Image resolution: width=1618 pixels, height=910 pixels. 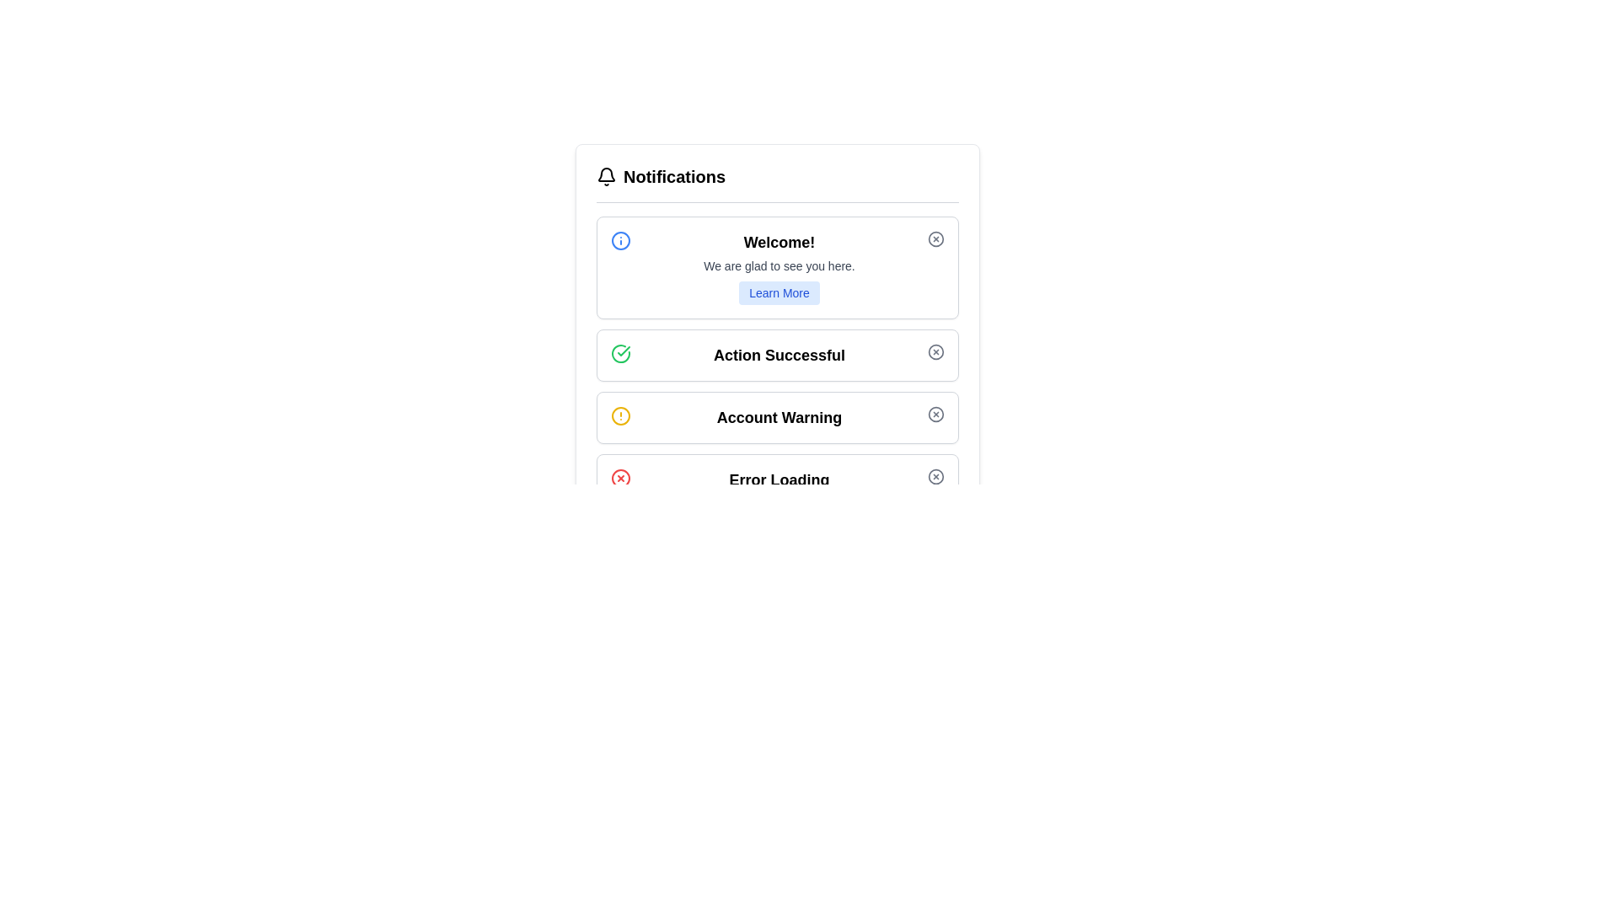 I want to click on the warning alert icon for the 'Account Warning' notification, which is located to the immediate left of the text label in the third notification item, so click(x=620, y=415).